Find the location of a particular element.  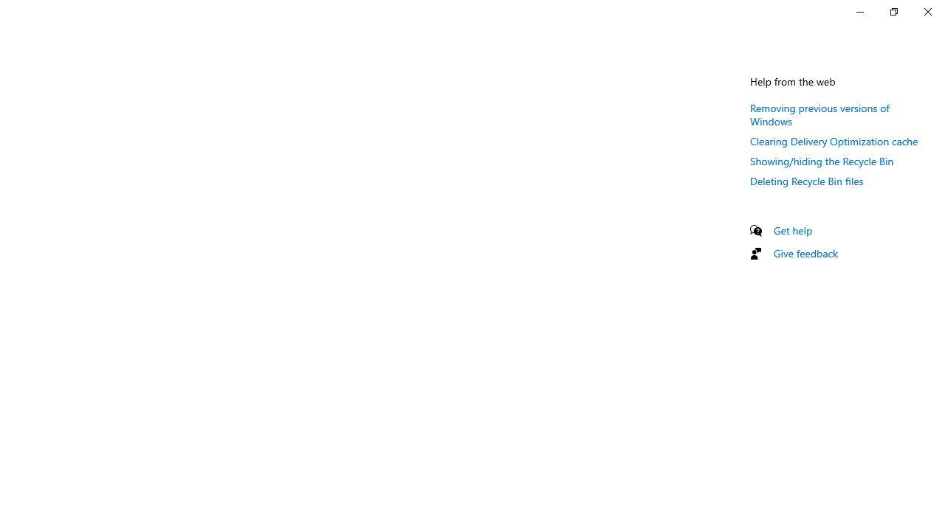

'Close Settings' is located at coordinates (927, 11).